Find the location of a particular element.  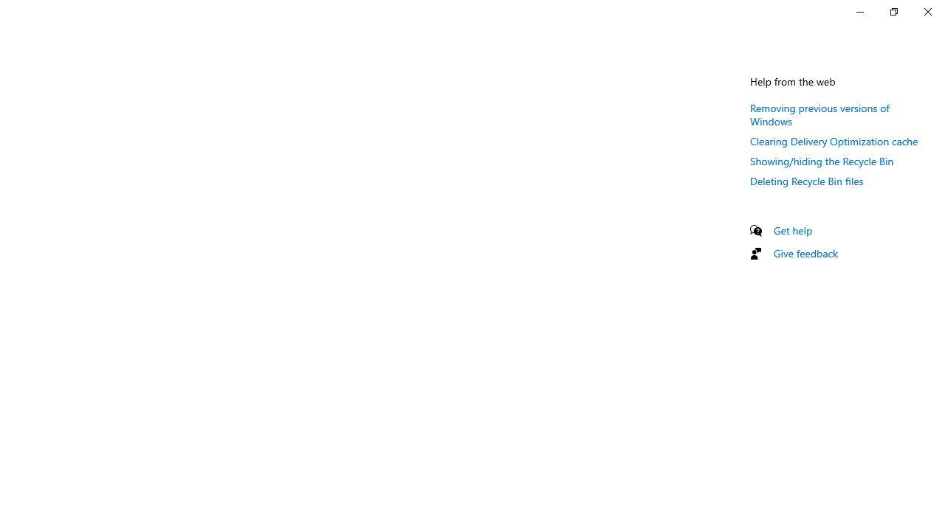

'Close Settings' is located at coordinates (927, 11).